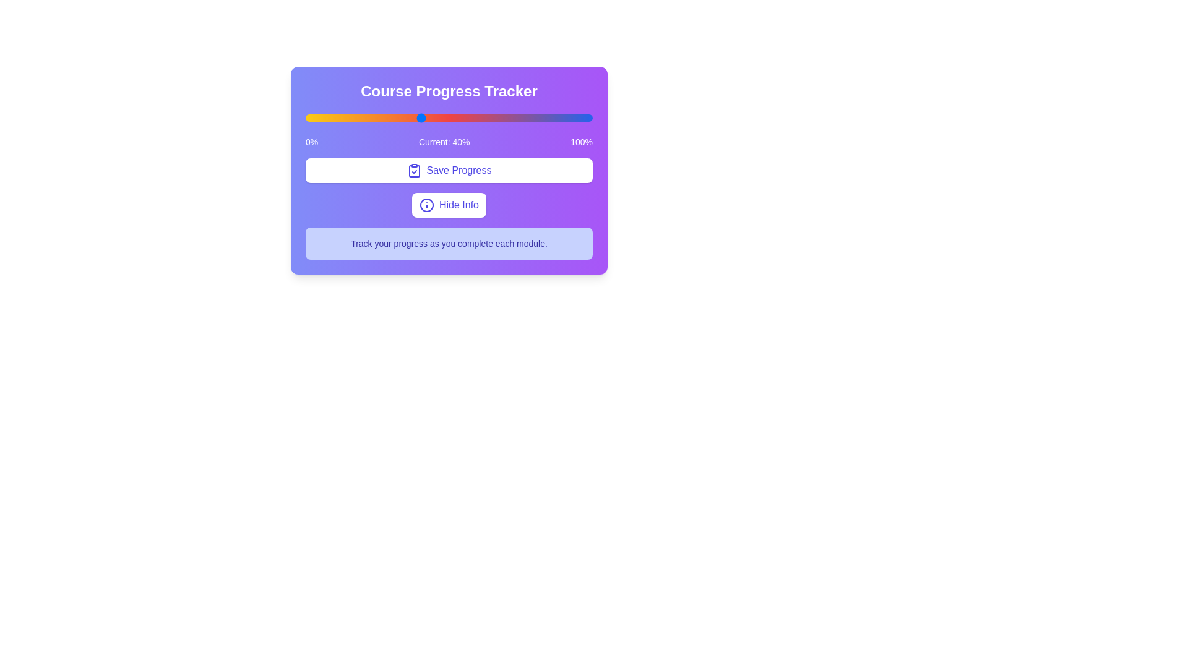 This screenshot has width=1188, height=668. What do you see at coordinates (345, 118) in the screenshot?
I see `progress percentage` at bounding box center [345, 118].